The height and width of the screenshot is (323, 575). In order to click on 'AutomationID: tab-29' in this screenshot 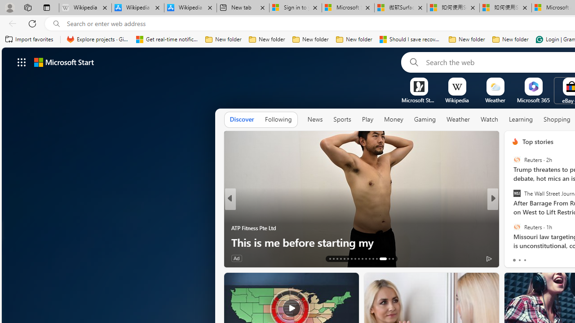, I will do `click(393, 259)`.